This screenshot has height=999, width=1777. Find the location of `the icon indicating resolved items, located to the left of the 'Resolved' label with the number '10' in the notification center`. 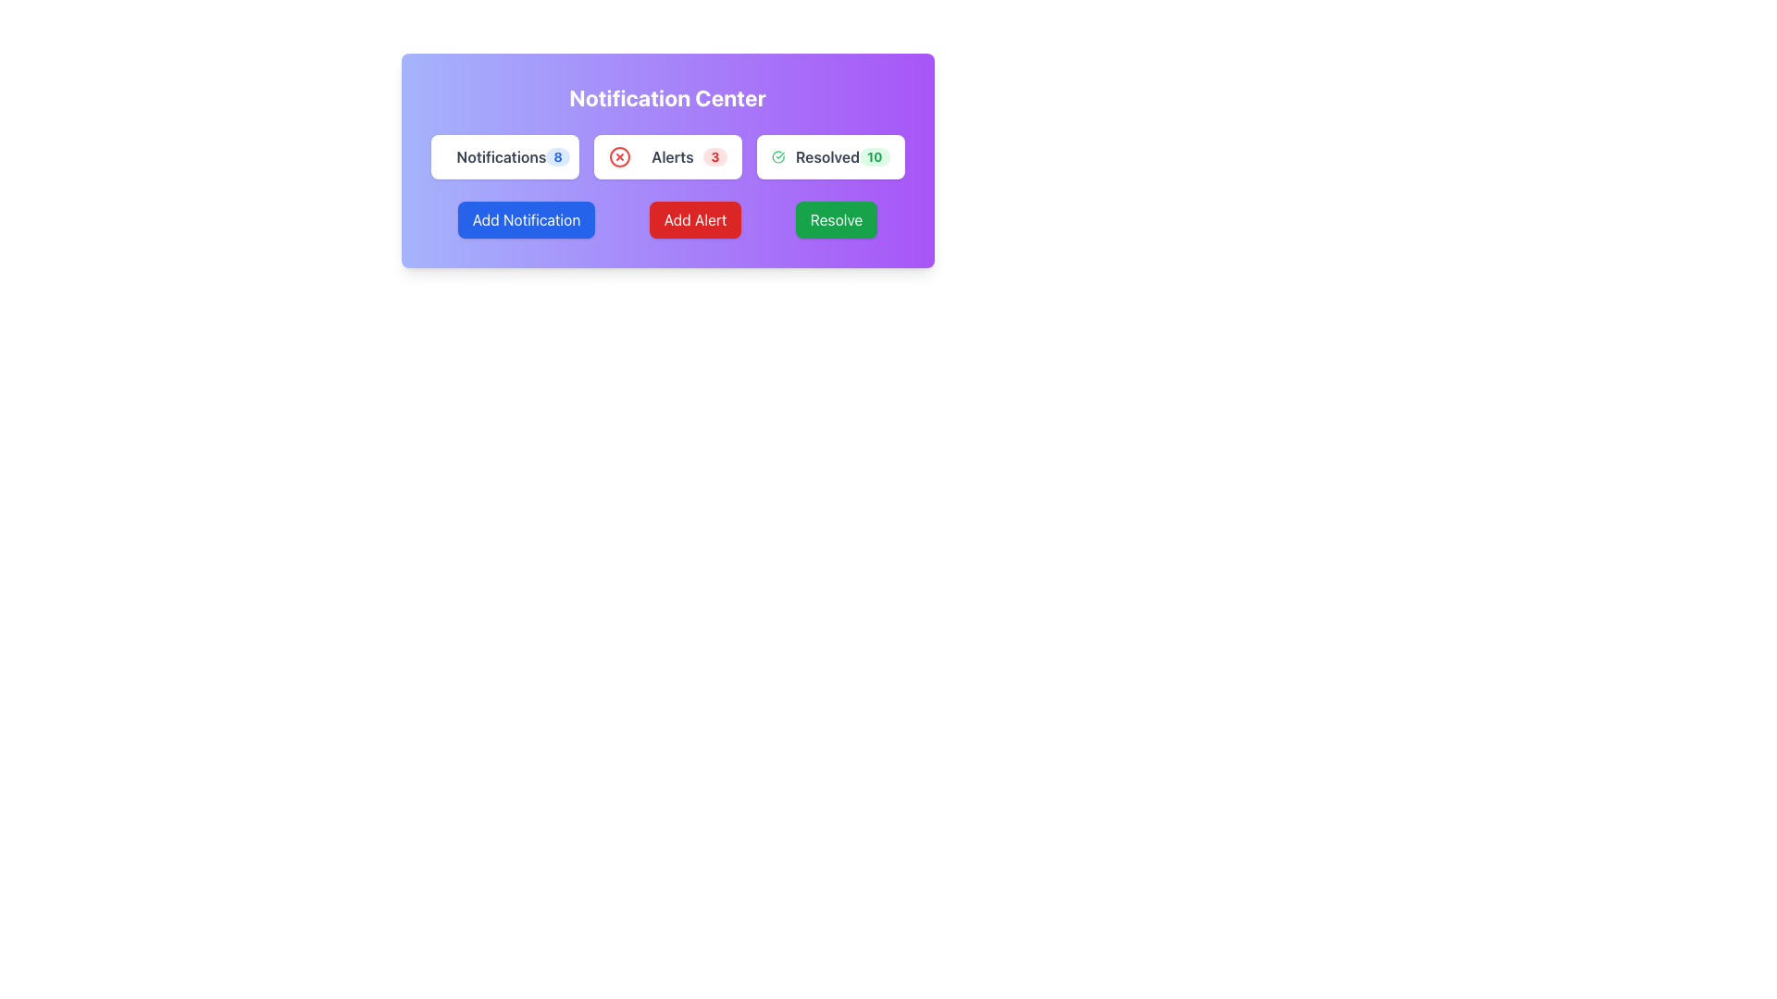

the icon indicating resolved items, located to the left of the 'Resolved' label with the number '10' in the notification center is located at coordinates (777, 155).